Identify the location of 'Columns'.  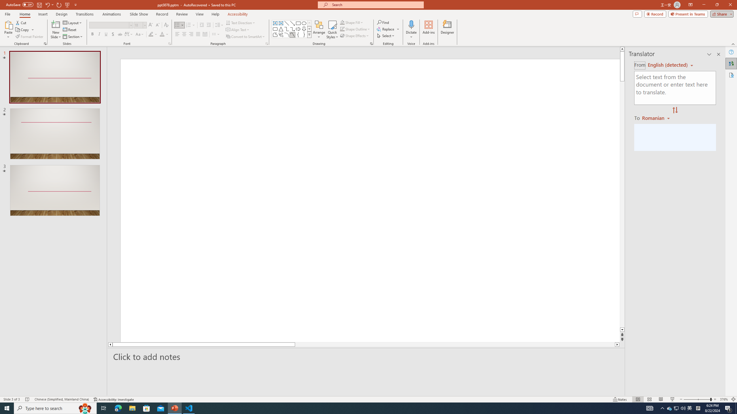
(216, 34).